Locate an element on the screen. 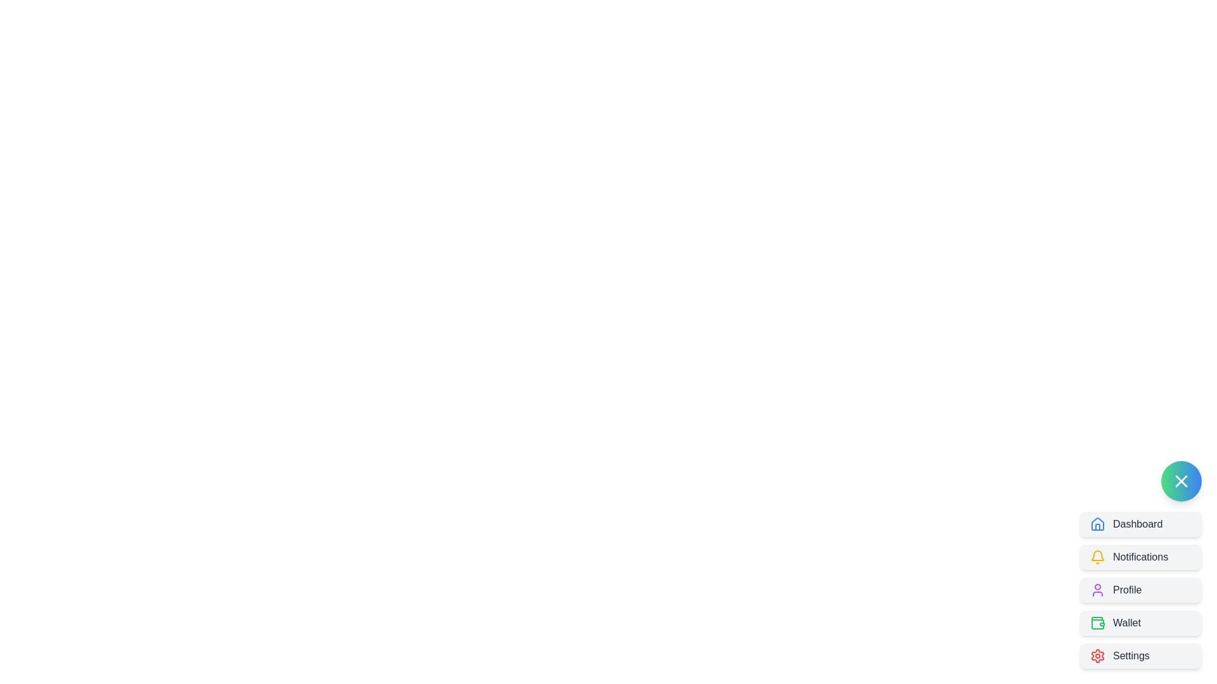 This screenshot has height=684, width=1217. the wallet-shaped icon with a green outline located within the 'Wallet' menu item, which is the fourth item from the top is located at coordinates (1097, 622).